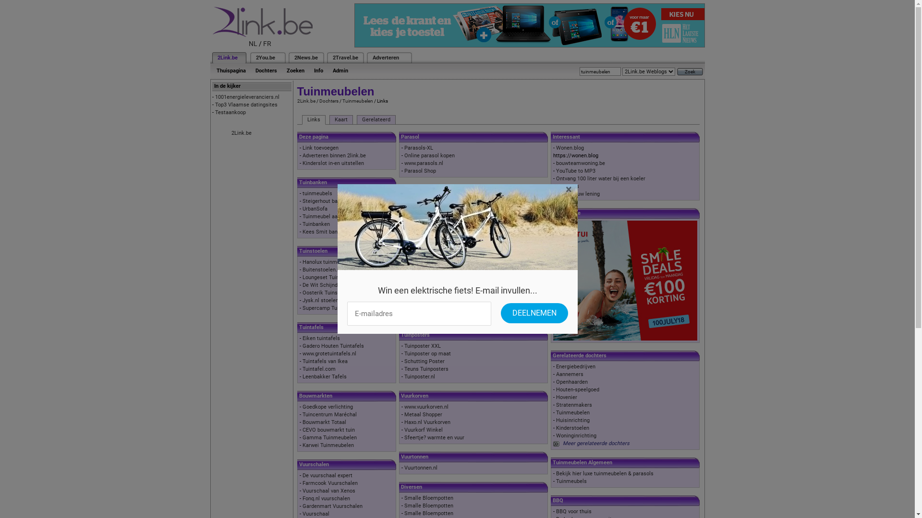  What do you see at coordinates (329, 491) in the screenshot?
I see `'Vuurschaal van Xenos'` at bounding box center [329, 491].